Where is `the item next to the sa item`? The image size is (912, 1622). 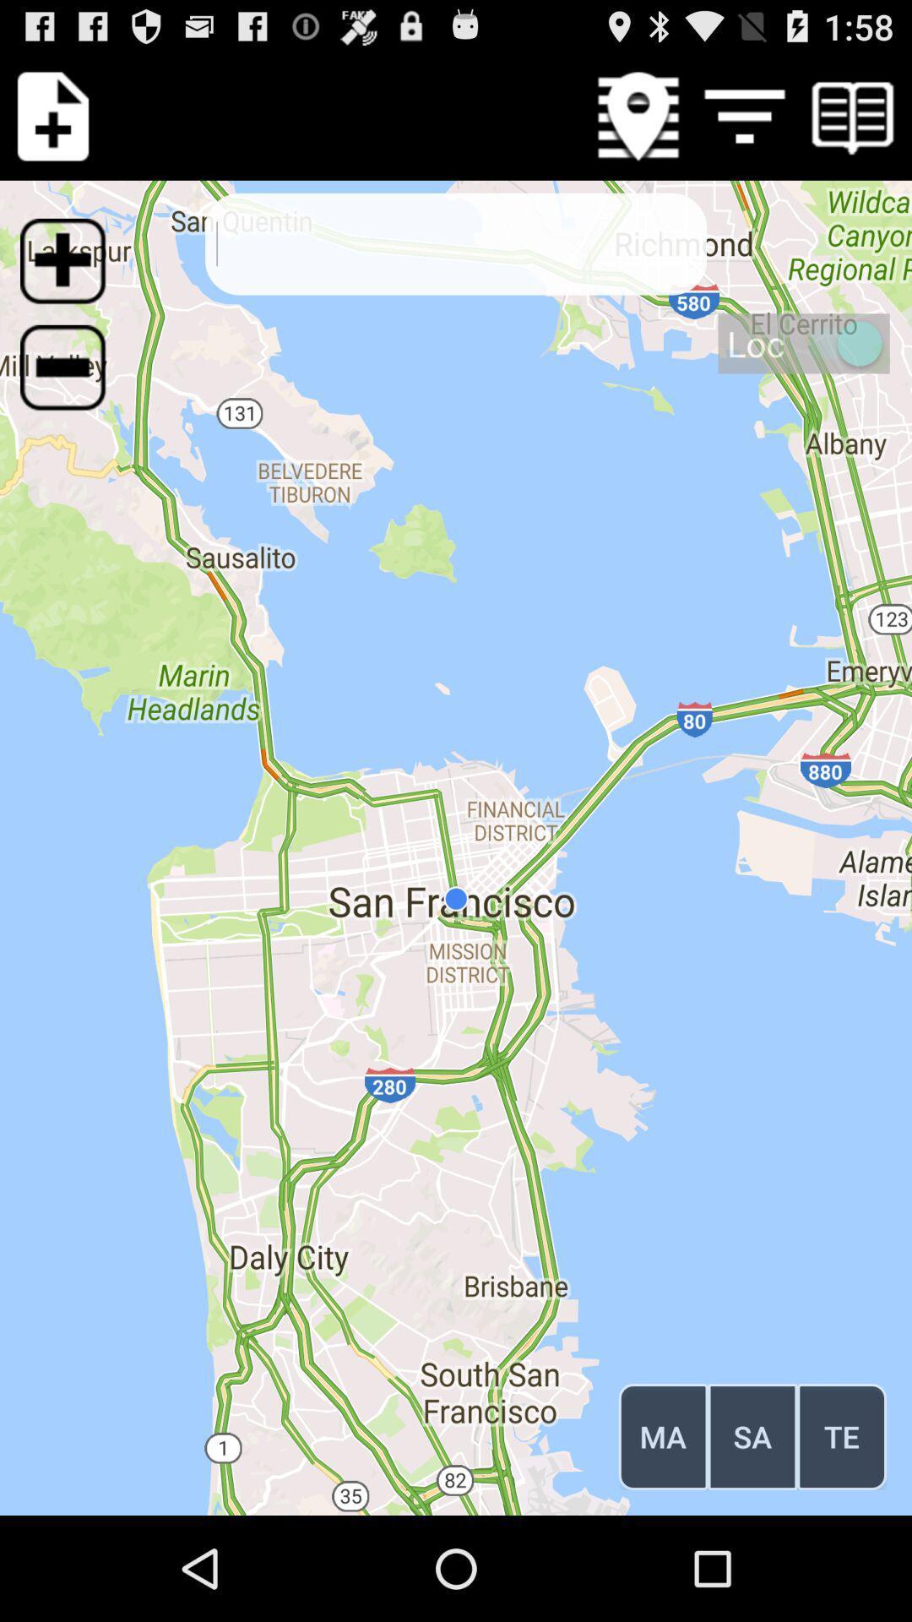 the item next to the sa item is located at coordinates (842, 1435).